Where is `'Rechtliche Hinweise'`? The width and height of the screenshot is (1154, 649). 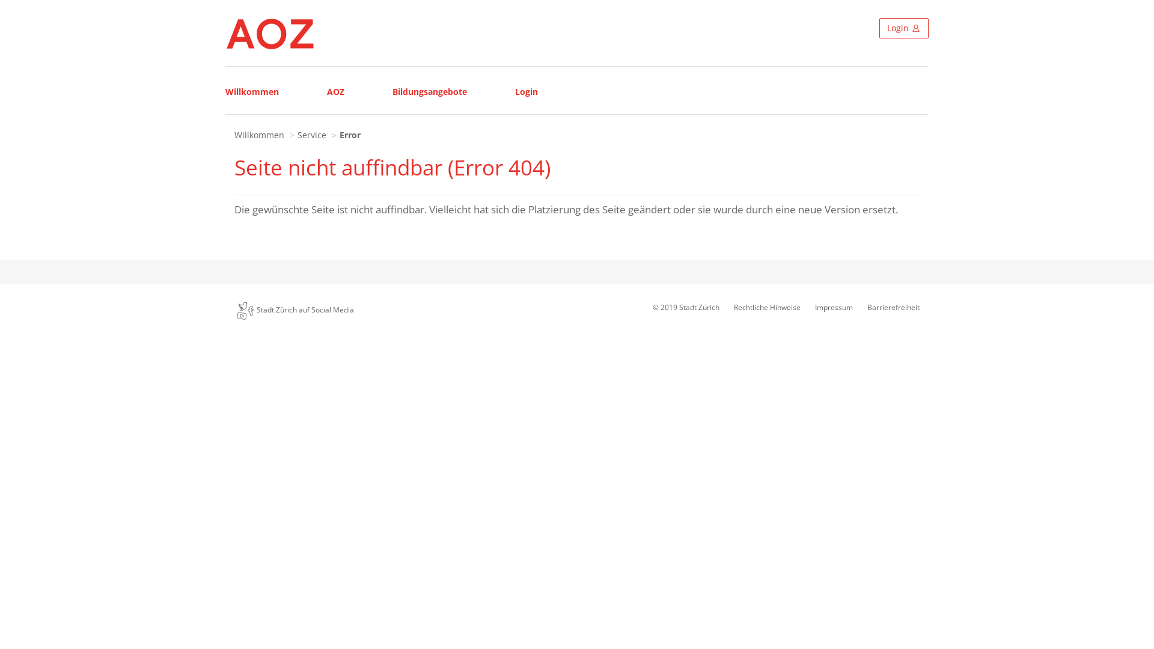 'Rechtliche Hinweise' is located at coordinates (733, 306).